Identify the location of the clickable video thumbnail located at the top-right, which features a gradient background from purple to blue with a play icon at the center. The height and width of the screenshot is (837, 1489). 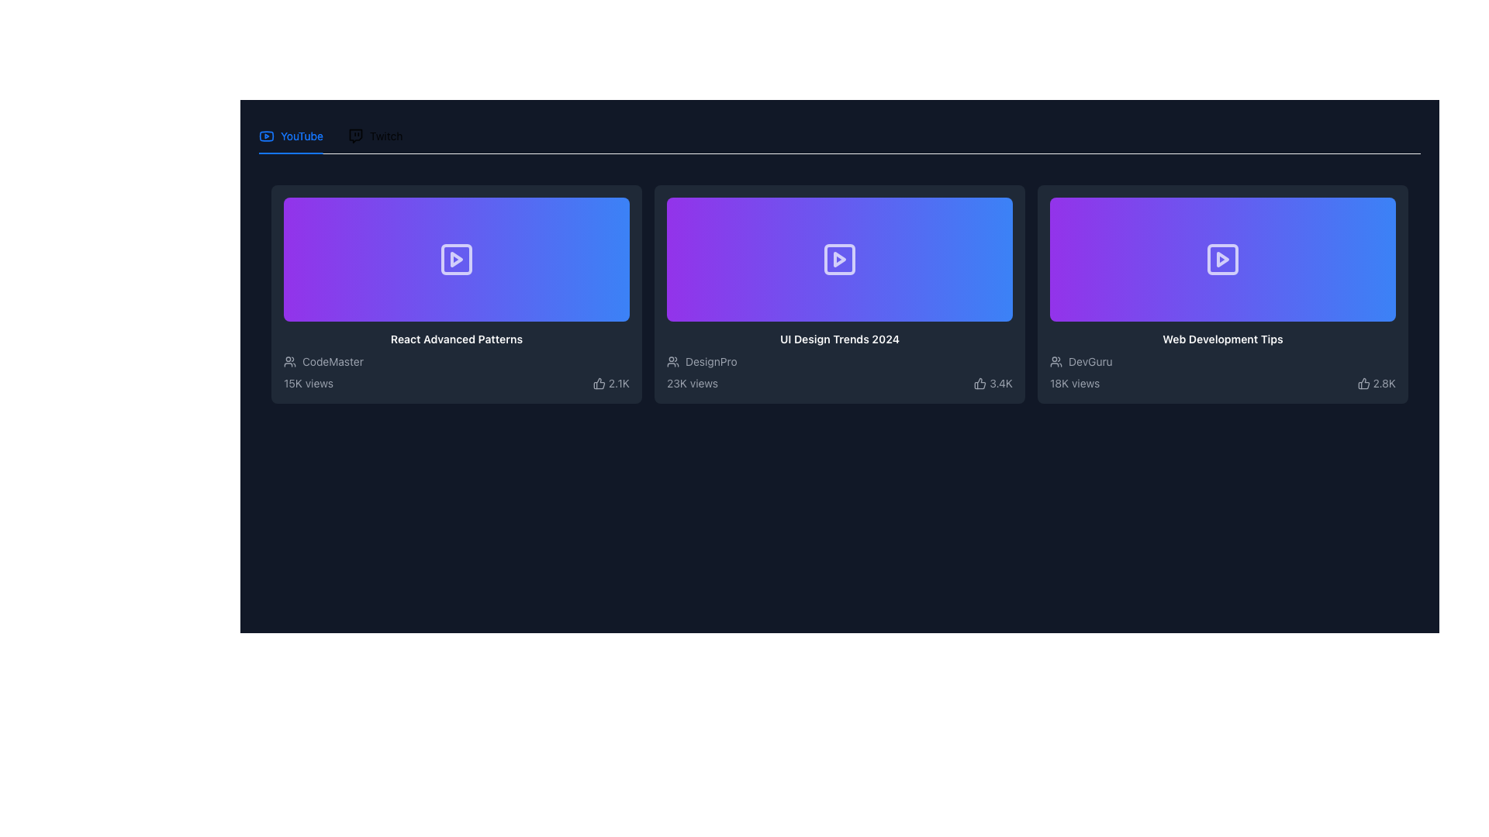
(1222, 259).